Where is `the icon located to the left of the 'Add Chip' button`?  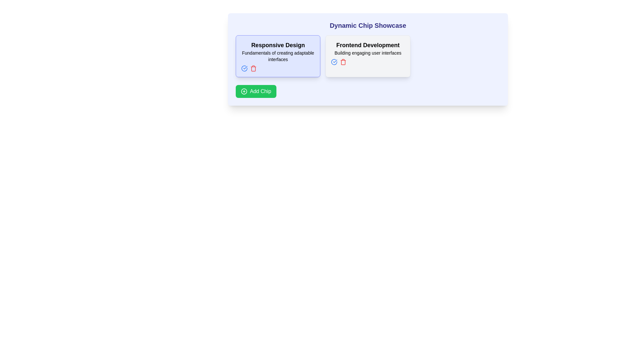
the icon located to the left of the 'Add Chip' button is located at coordinates (243, 91).